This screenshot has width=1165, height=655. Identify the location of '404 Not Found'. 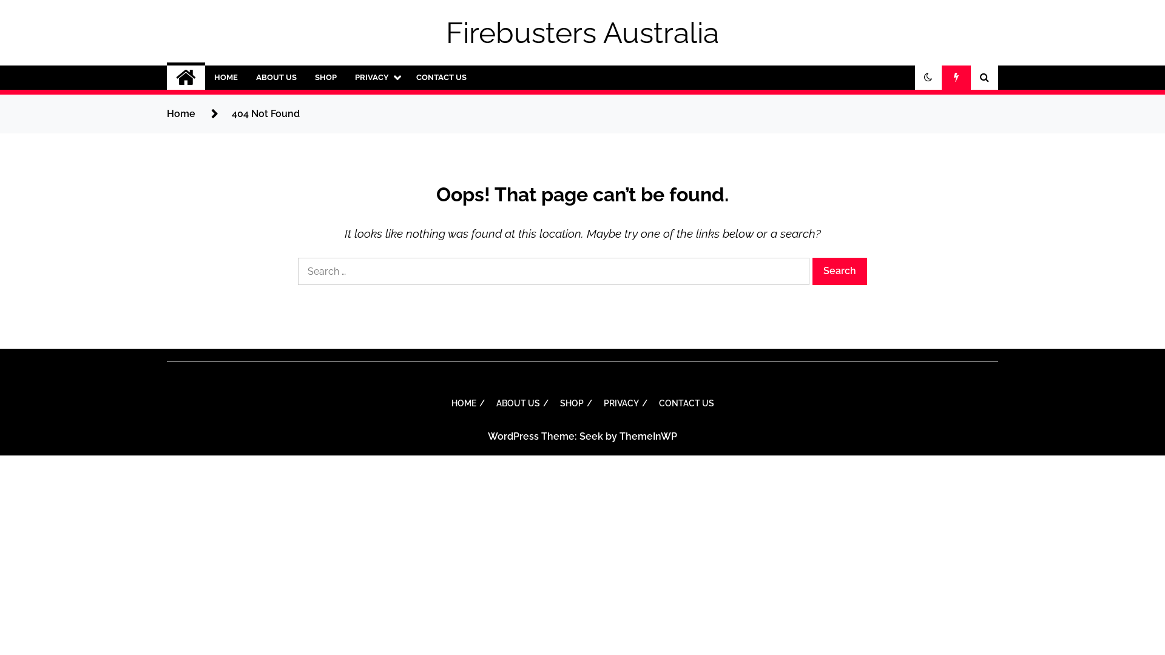
(265, 113).